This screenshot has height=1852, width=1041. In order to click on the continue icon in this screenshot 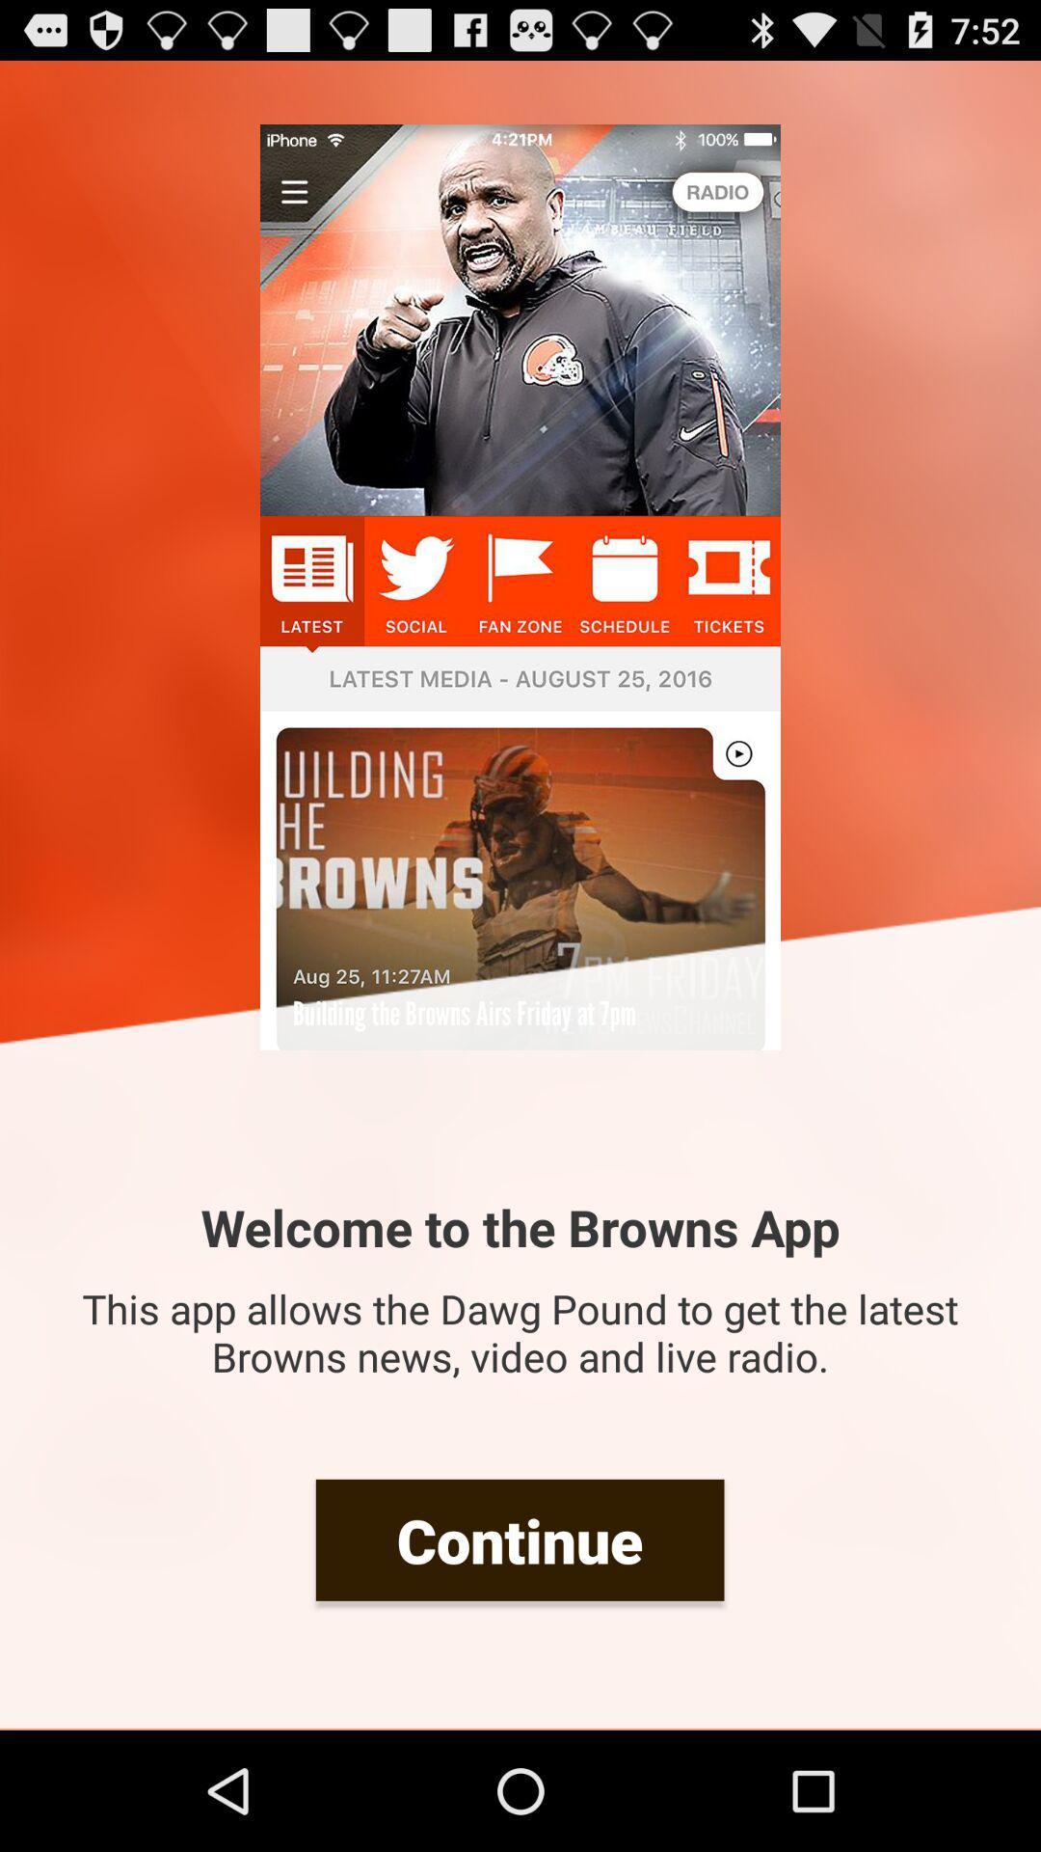, I will do `click(519, 1539)`.